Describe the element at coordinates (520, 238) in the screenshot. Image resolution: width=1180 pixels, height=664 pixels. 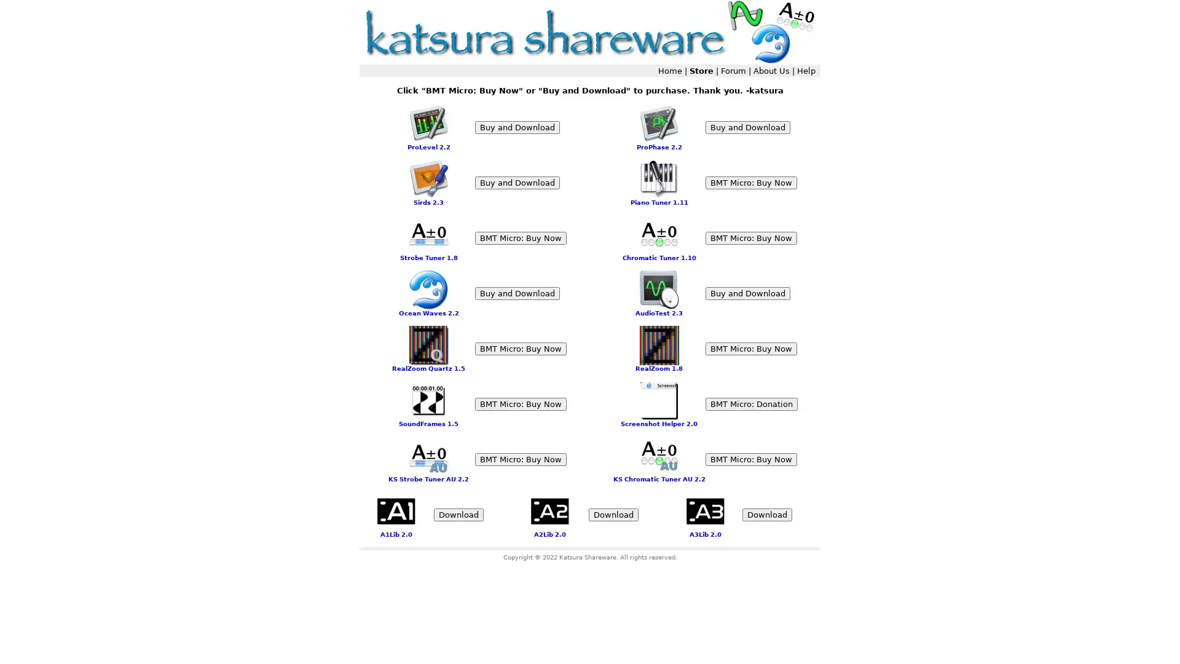
I see `BMT Micro: Buy Now` at that location.